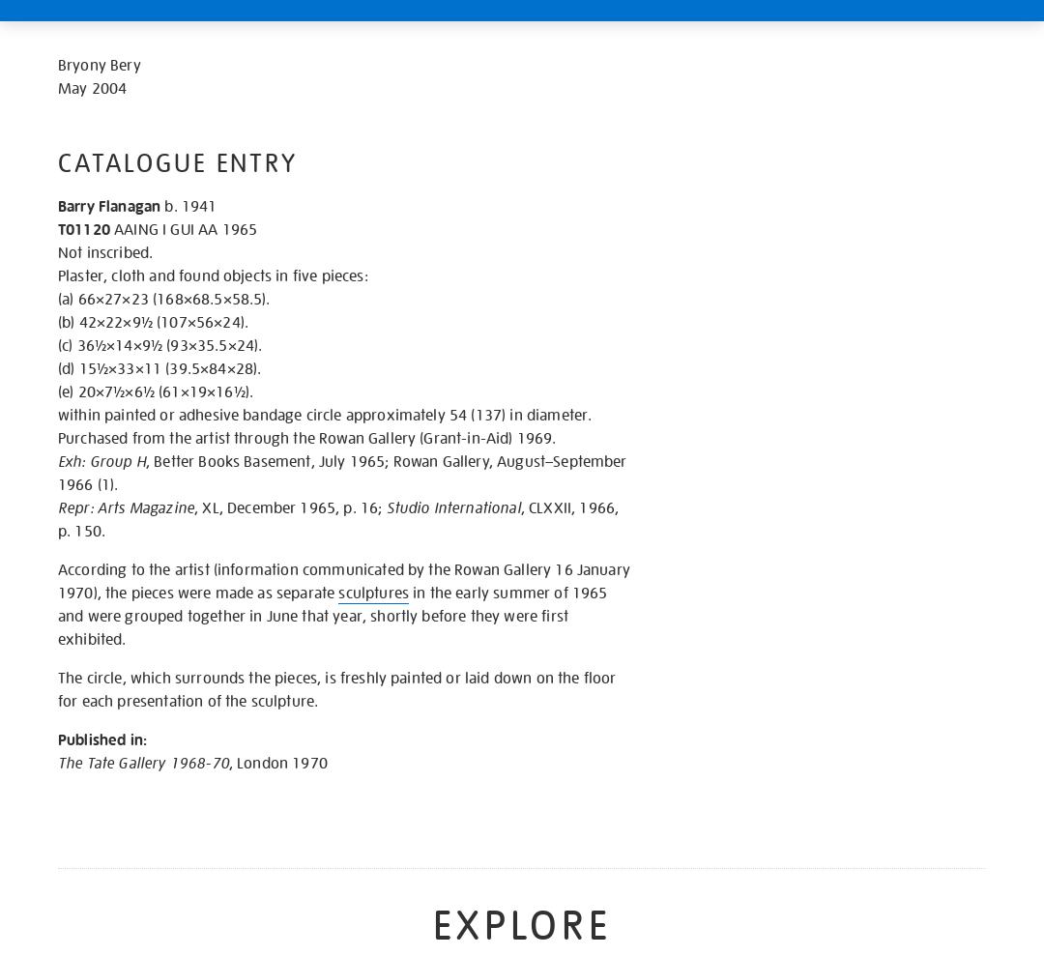  What do you see at coordinates (177, 162) in the screenshot?
I see `'Catalogue entry'` at bounding box center [177, 162].